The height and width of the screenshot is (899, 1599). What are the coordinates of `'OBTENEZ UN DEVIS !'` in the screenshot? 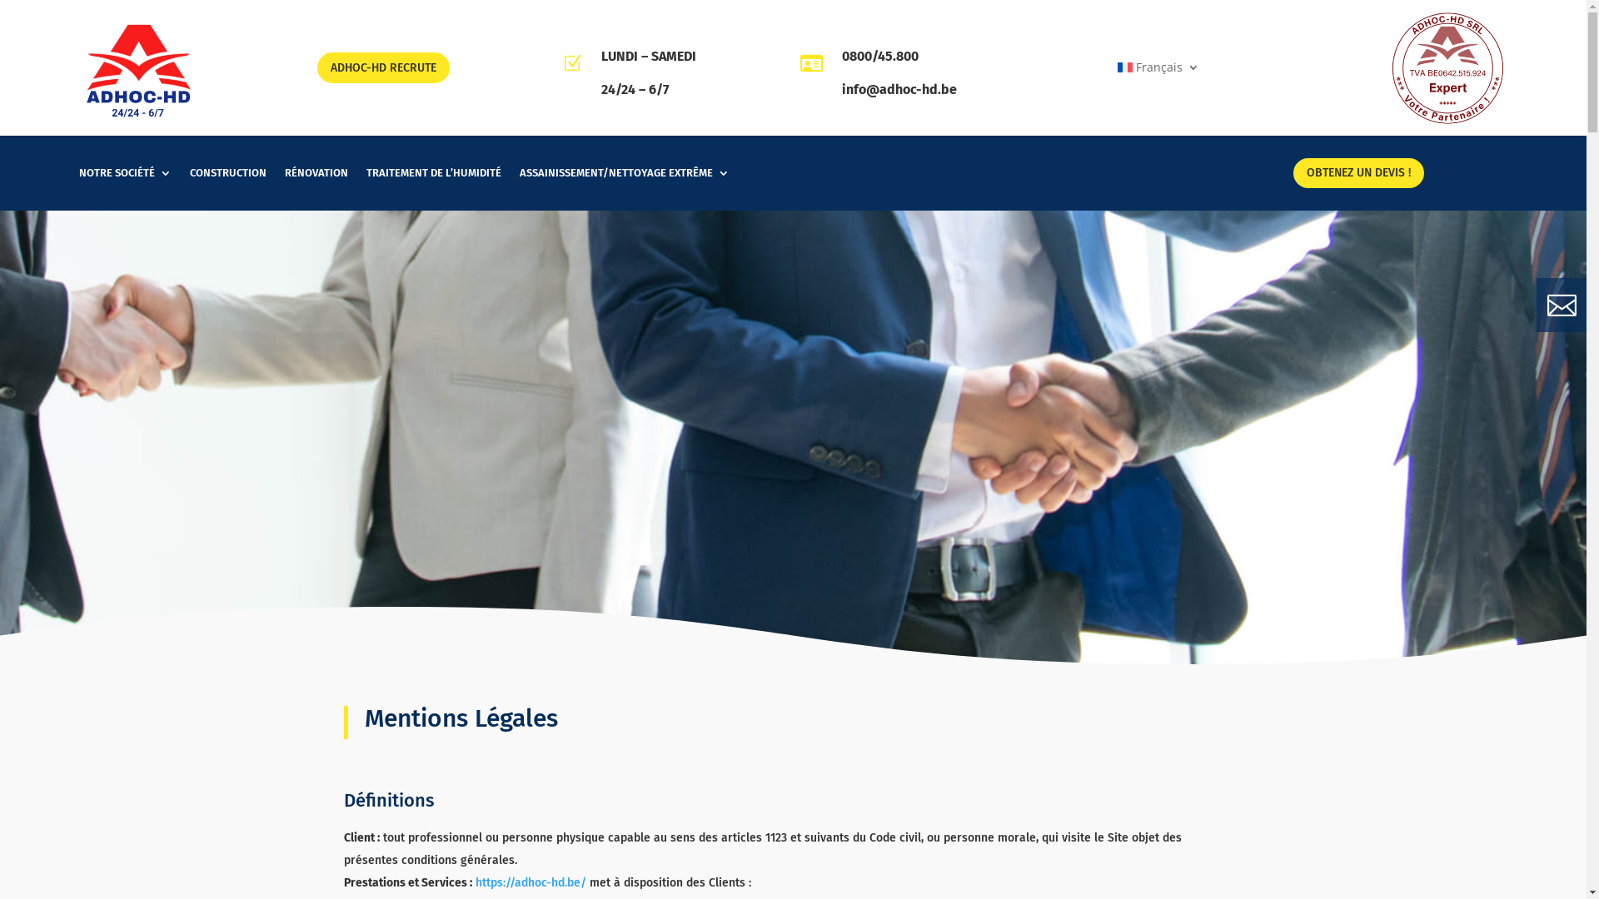 It's located at (1358, 173).